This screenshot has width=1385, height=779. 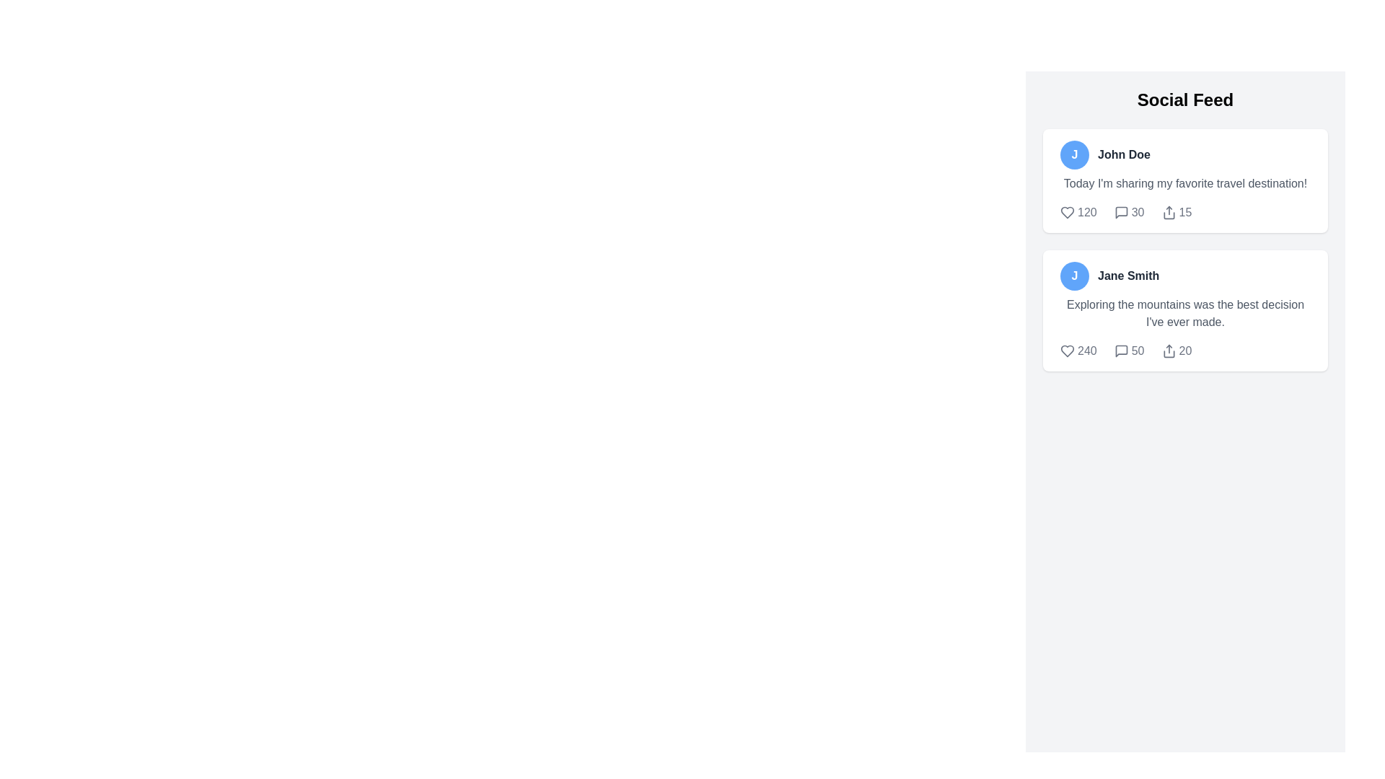 I want to click on the text label displaying 'John Doe', so click(x=1123, y=155).